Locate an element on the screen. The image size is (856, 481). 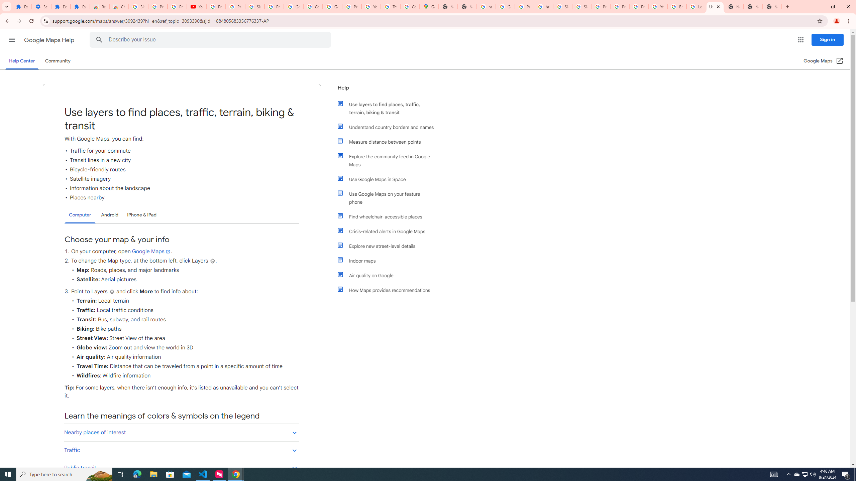
'Public transit' is located at coordinates (181, 467).